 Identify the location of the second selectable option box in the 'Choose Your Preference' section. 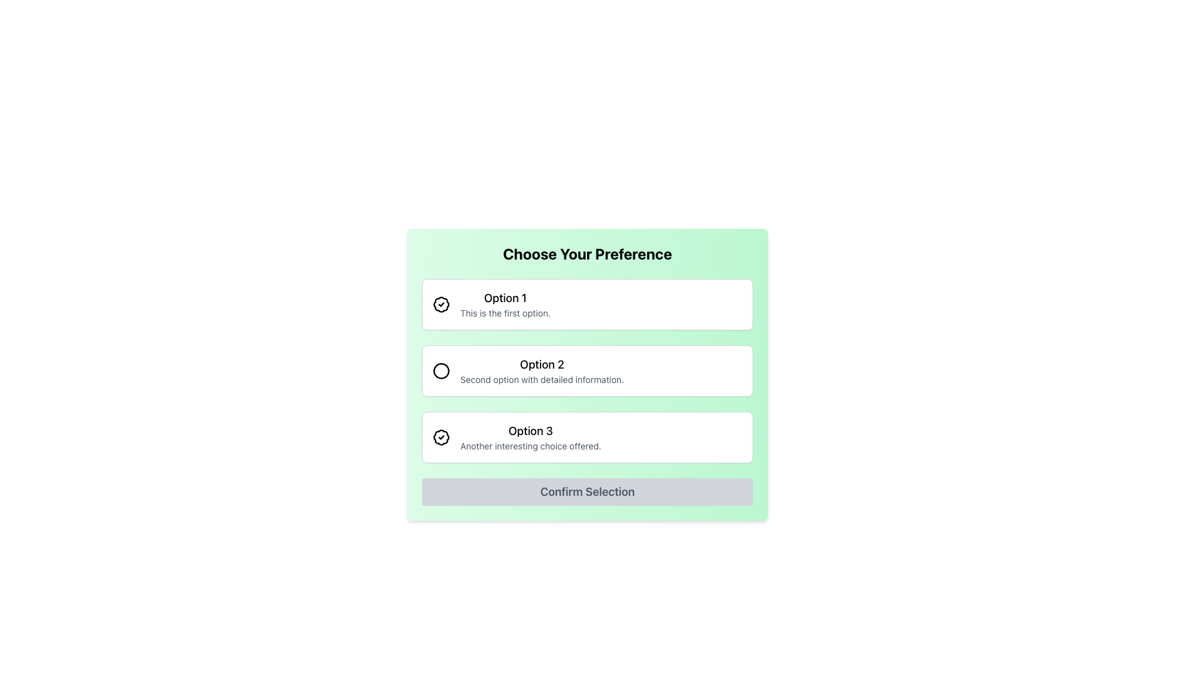
(586, 370).